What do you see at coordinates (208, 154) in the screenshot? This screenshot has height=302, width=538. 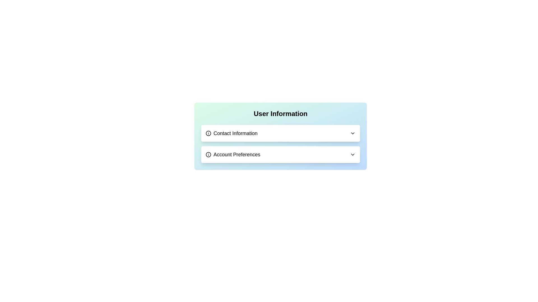 I see `the circular information icon located` at bounding box center [208, 154].